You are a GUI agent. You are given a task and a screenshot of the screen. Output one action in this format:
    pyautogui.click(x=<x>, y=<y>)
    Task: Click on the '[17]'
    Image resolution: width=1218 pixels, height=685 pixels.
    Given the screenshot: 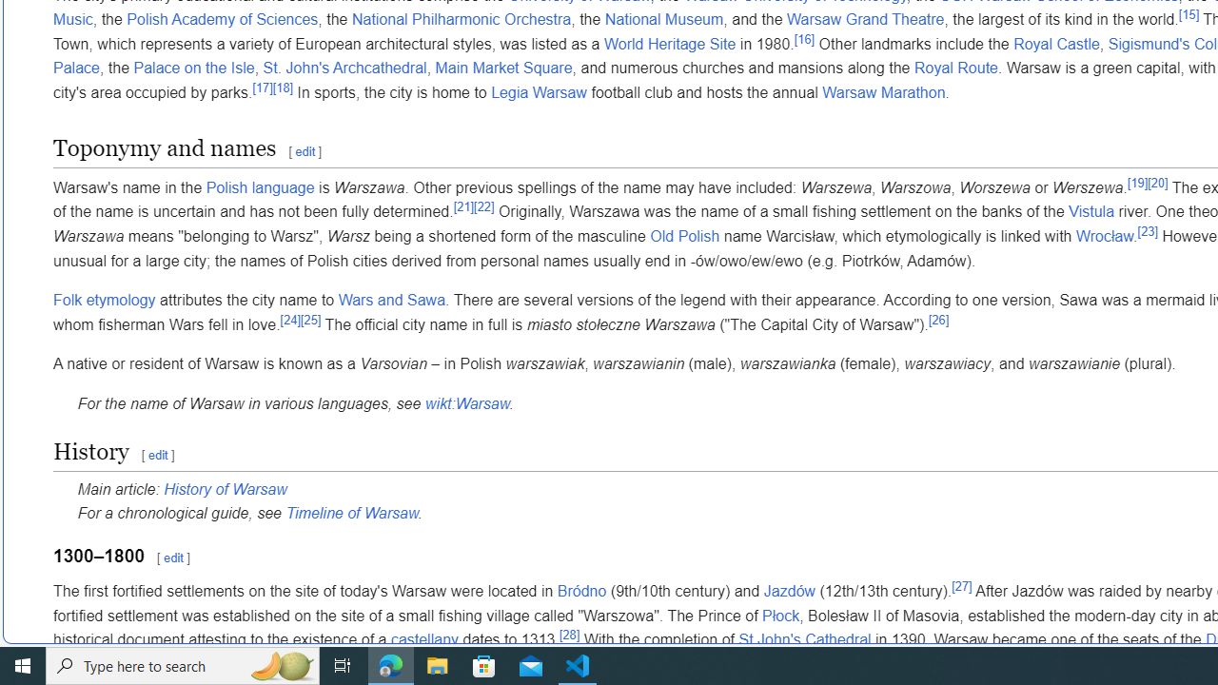 What is the action you would take?
    pyautogui.click(x=261, y=88)
    